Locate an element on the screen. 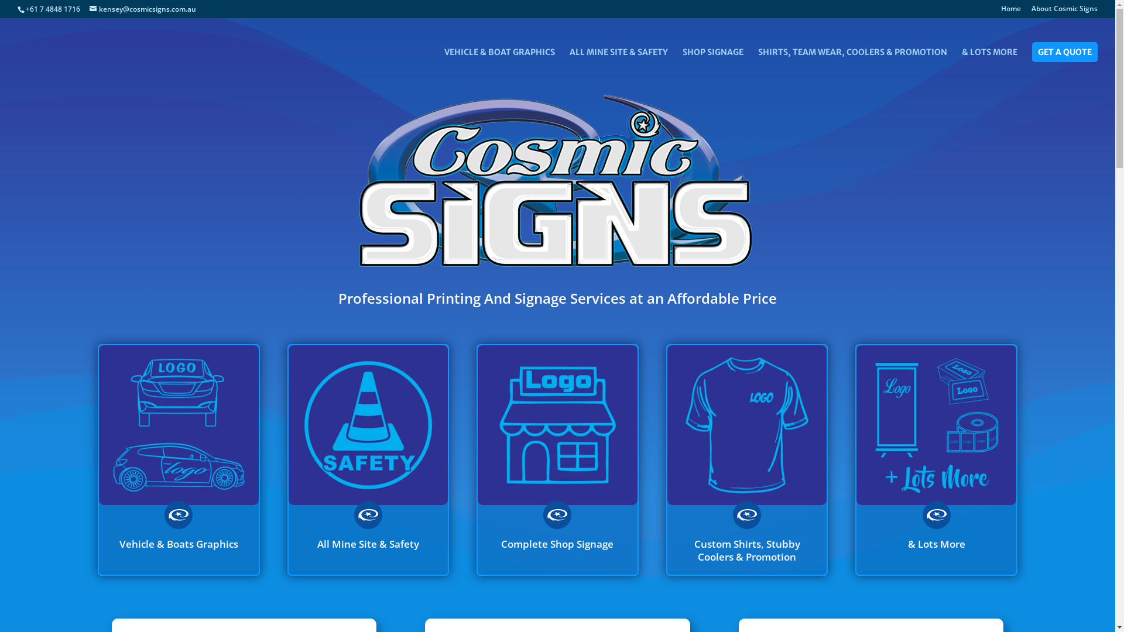 This screenshot has height=632, width=1124. 'About Cosmic Signs' is located at coordinates (1064, 11).